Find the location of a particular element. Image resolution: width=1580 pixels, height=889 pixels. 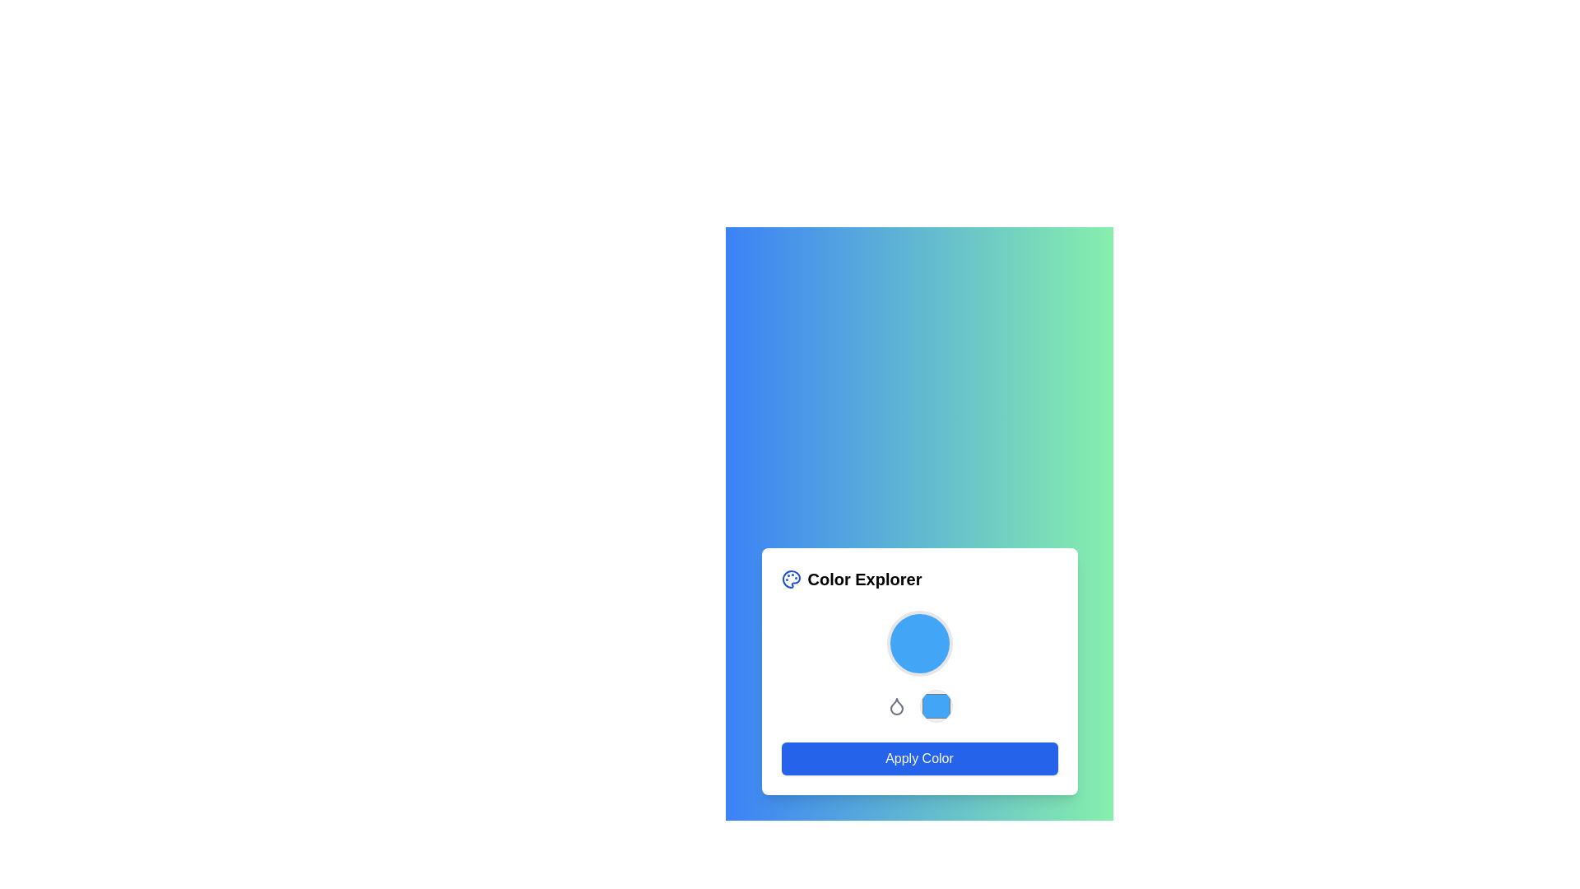

the small blue outlined palette icon representing artistic functionality, located to the left of the 'Color Explorer' text in the header area of the white card is located at coordinates (791, 579).